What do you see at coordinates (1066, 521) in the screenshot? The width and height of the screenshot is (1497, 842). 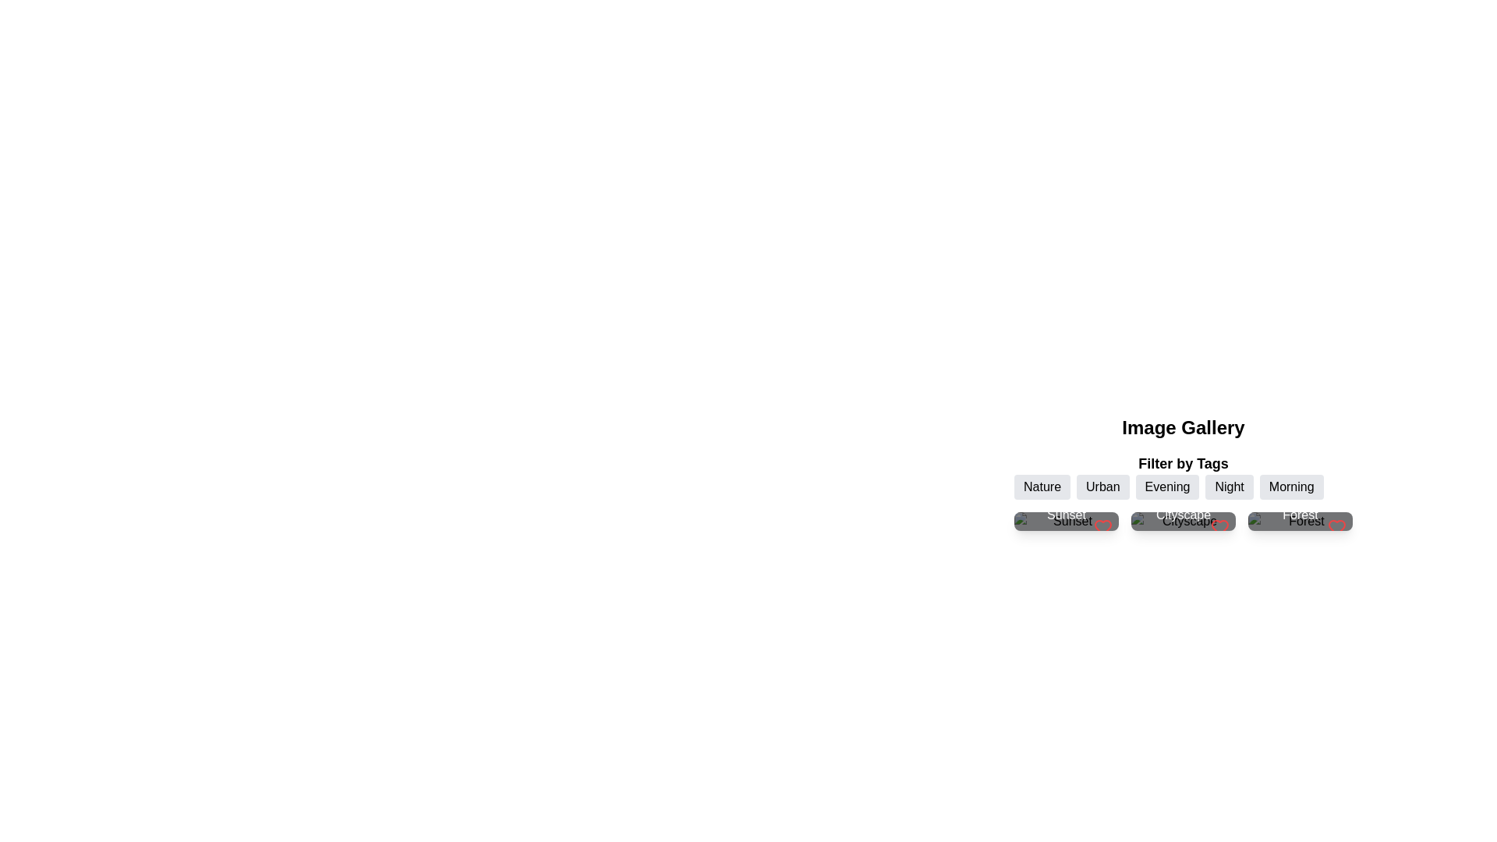 I see `the card element displaying 'Sunset' with a gray background and heart-shaped graphic, located at the first position in the grid layout` at bounding box center [1066, 521].